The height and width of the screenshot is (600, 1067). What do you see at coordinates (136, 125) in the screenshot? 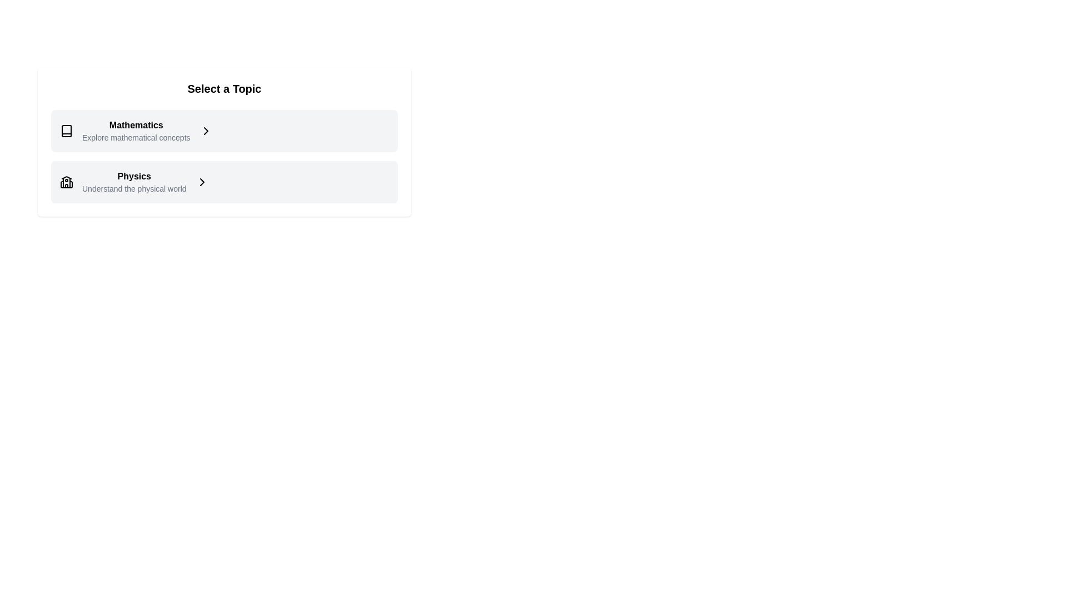
I see `the 'Mathematics' section title text label, which directs users` at bounding box center [136, 125].